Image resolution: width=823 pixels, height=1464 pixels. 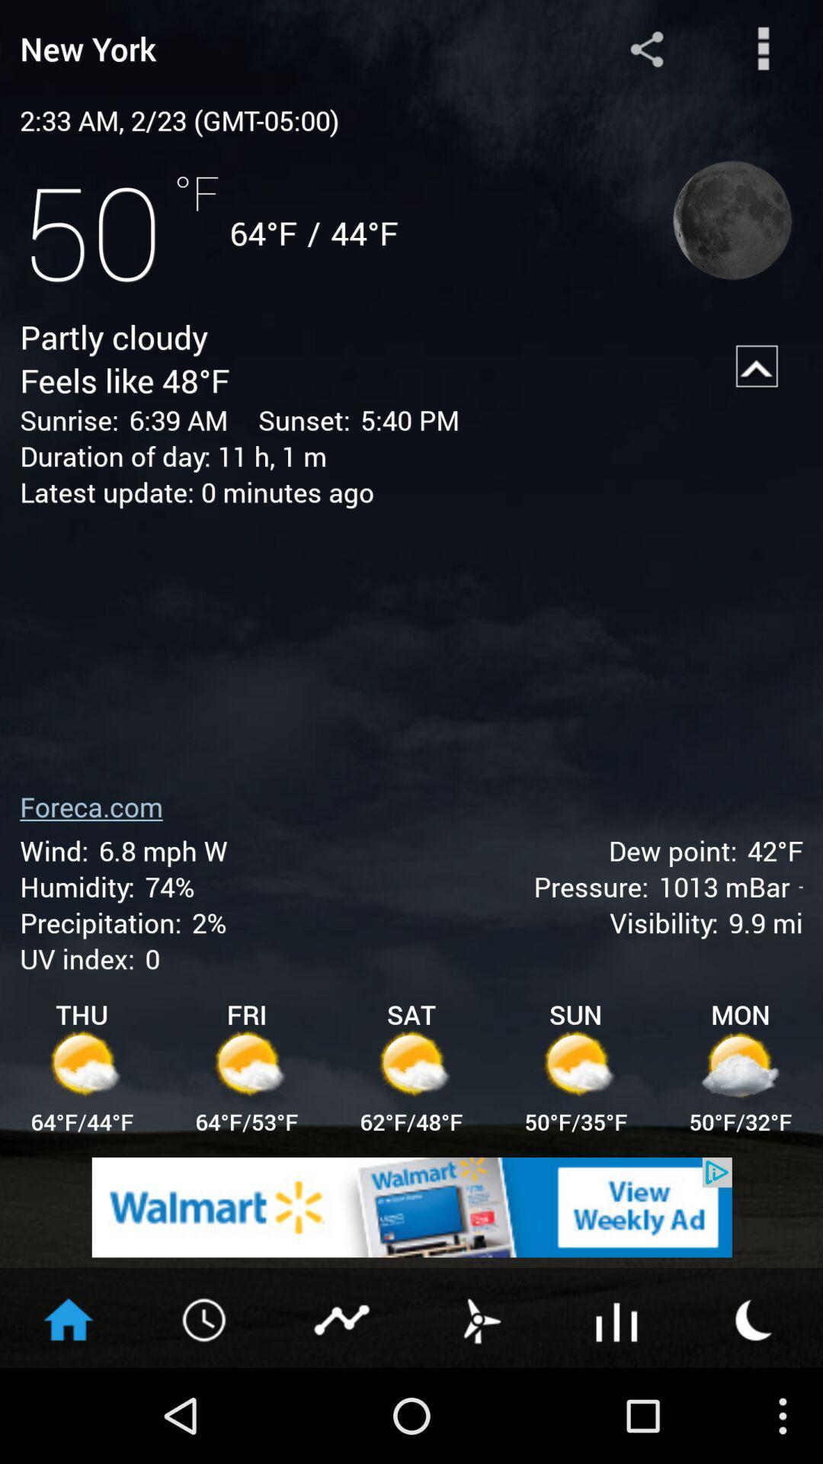 What do you see at coordinates (757, 367) in the screenshot?
I see `up arrow` at bounding box center [757, 367].